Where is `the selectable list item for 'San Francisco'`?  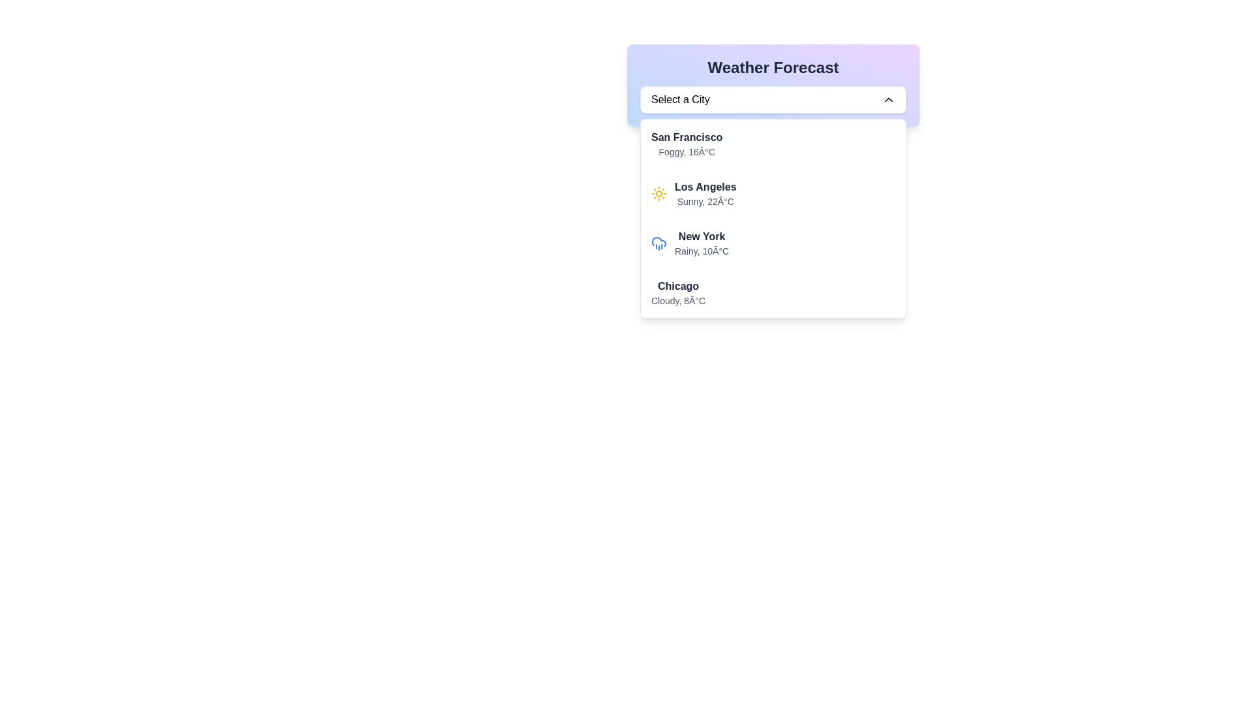
the selectable list item for 'San Francisco' is located at coordinates (773, 144).